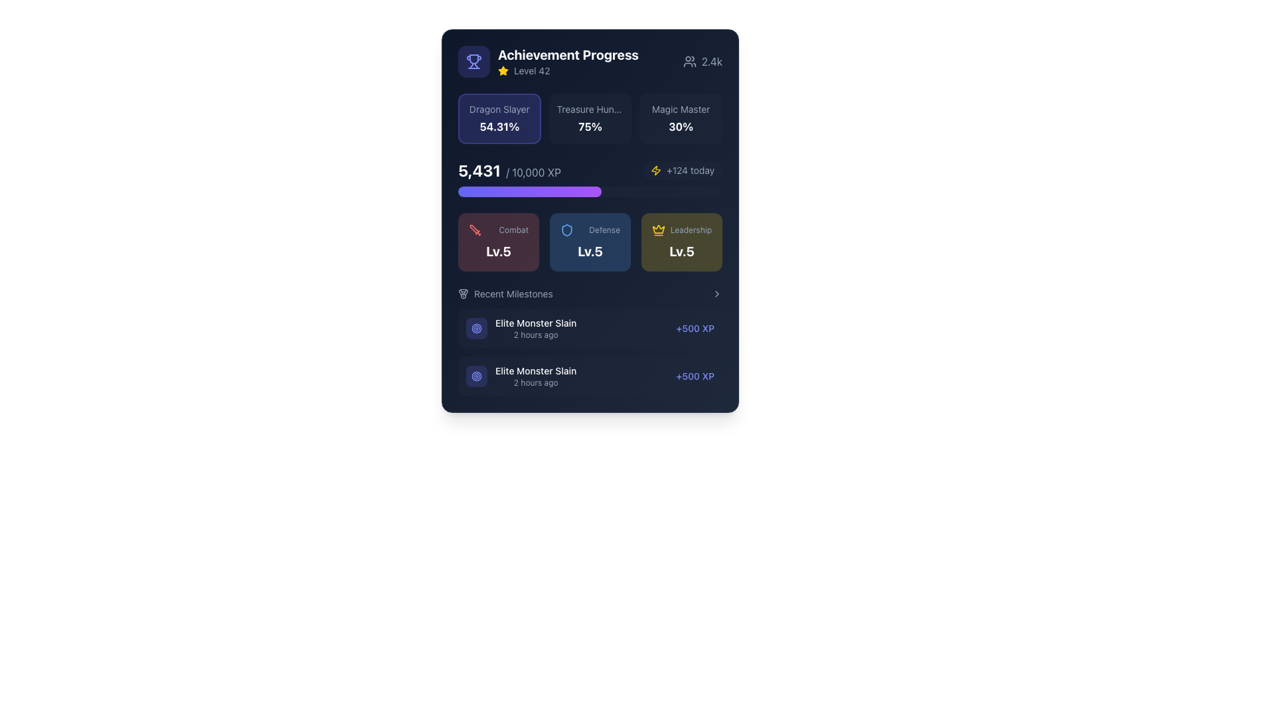 The width and height of the screenshot is (1275, 717). I want to click on the second milestone card in the 'Recent Milestones' list, which displays details about a recently completed task and its associated reward, so click(589, 376).